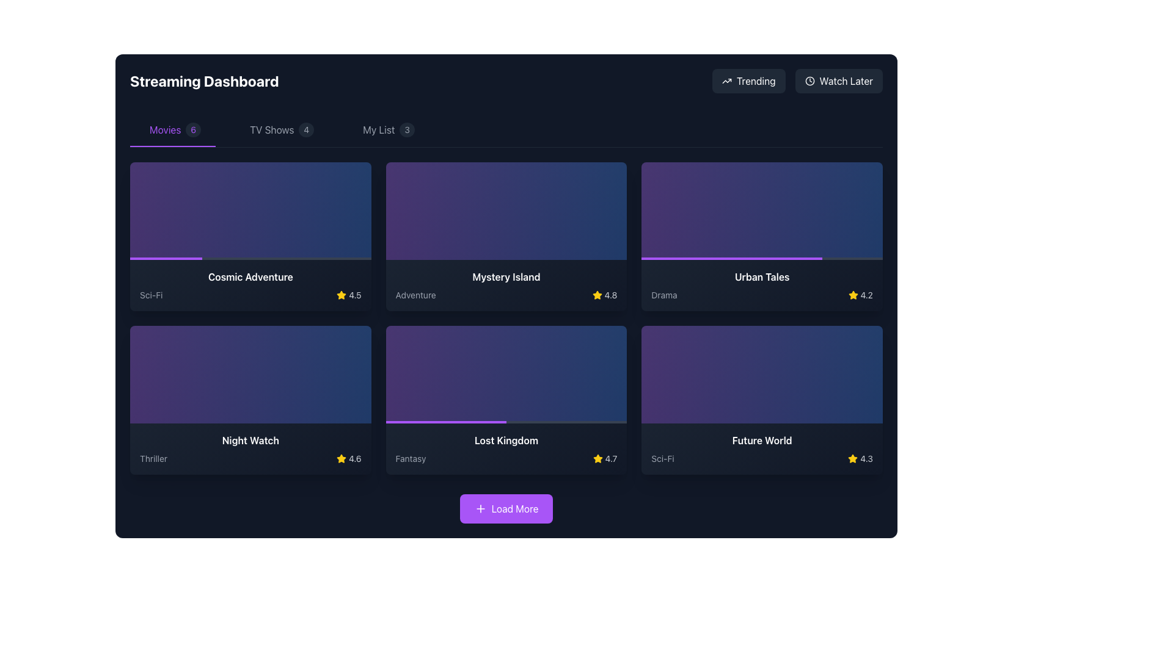  Describe the element at coordinates (407, 129) in the screenshot. I see `the displayed number '3' in the small circular badge with a dark gray background, located adjacent to the 'My List' text` at that location.